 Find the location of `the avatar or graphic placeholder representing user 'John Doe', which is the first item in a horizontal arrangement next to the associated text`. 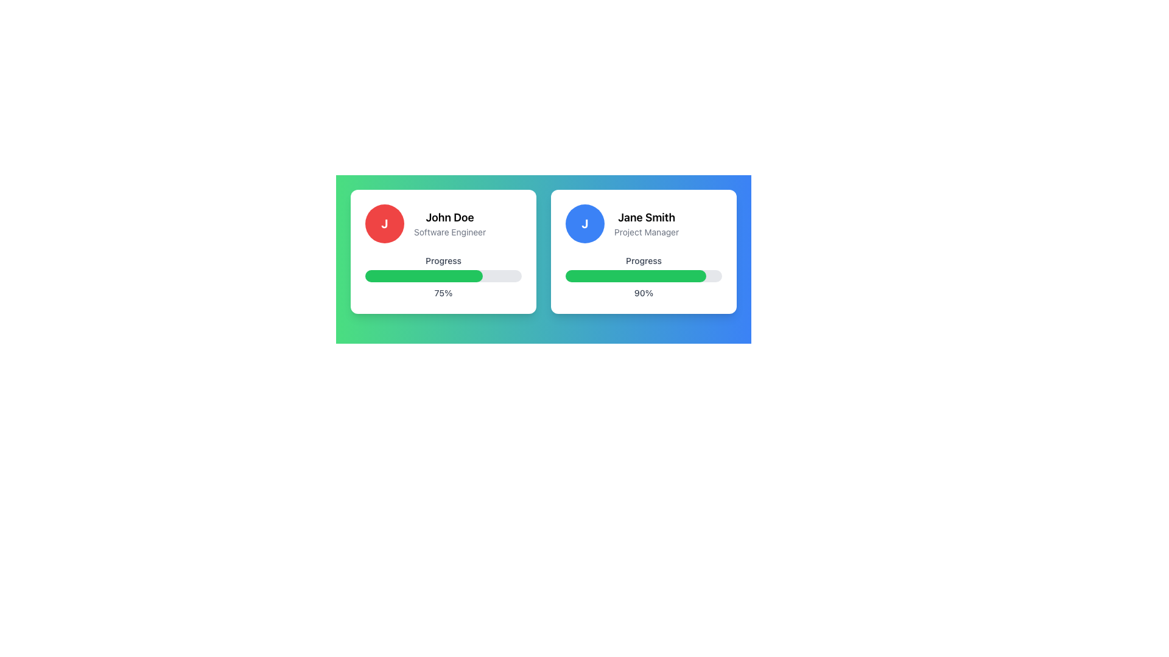

the avatar or graphic placeholder representing user 'John Doe', which is the first item in a horizontal arrangement next to the associated text is located at coordinates (384, 223).